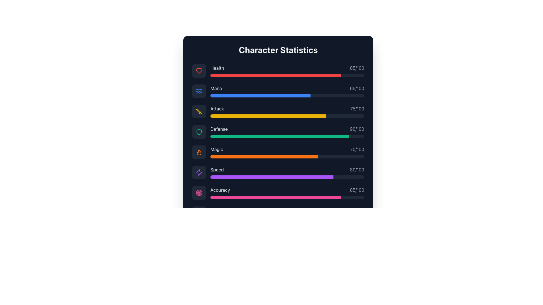  What do you see at coordinates (199, 111) in the screenshot?
I see `the yellow outline sword icon located to the left of the 'Attack' text in the third row of items` at bounding box center [199, 111].